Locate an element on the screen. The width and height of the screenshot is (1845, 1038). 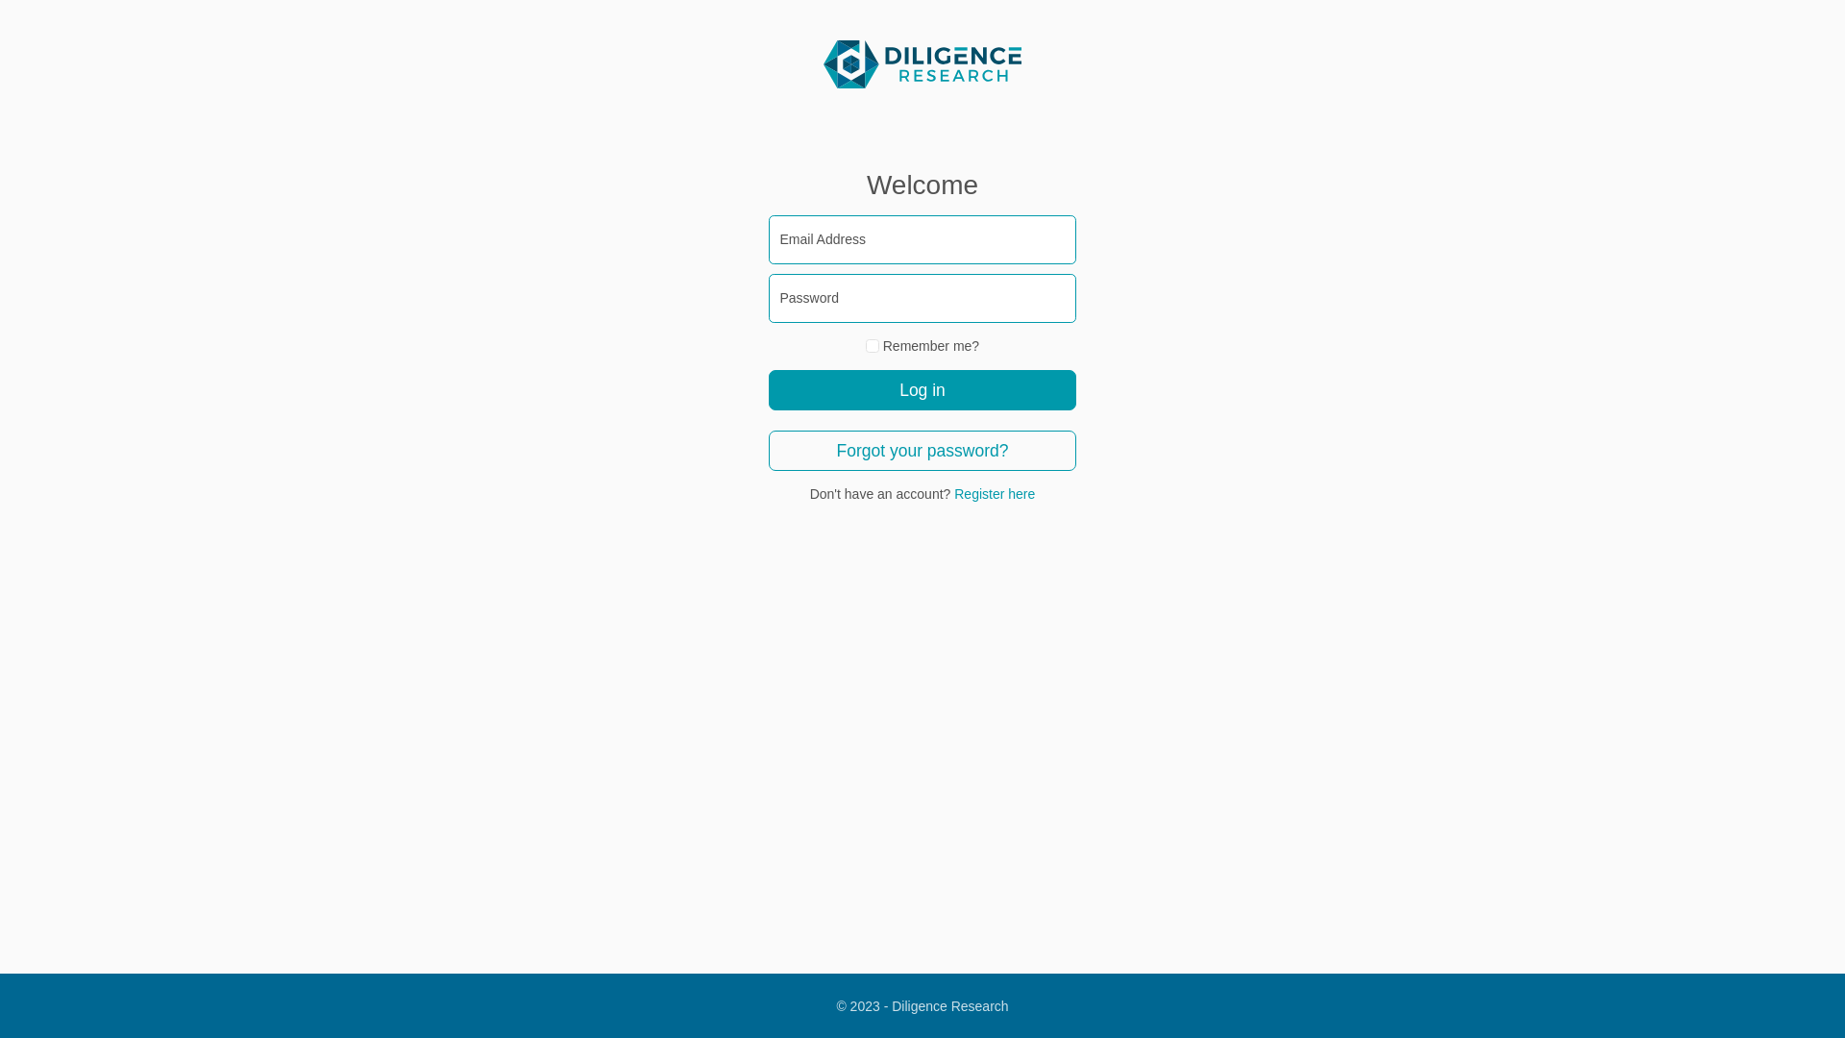
'Forgot your password?' is located at coordinates (922, 451).